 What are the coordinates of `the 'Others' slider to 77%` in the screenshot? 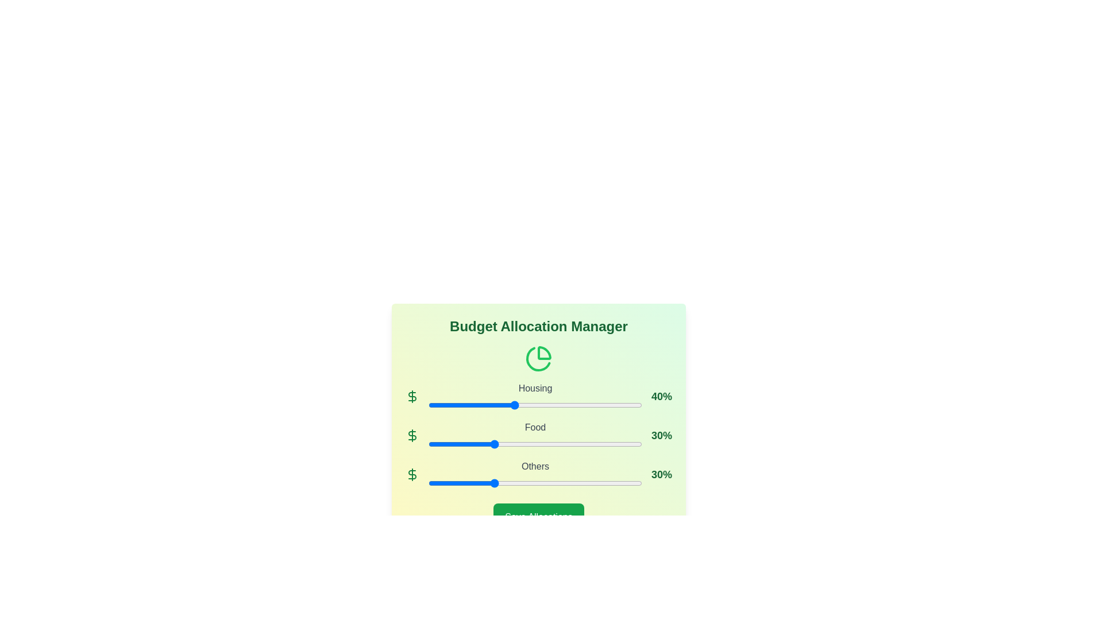 It's located at (593, 483).